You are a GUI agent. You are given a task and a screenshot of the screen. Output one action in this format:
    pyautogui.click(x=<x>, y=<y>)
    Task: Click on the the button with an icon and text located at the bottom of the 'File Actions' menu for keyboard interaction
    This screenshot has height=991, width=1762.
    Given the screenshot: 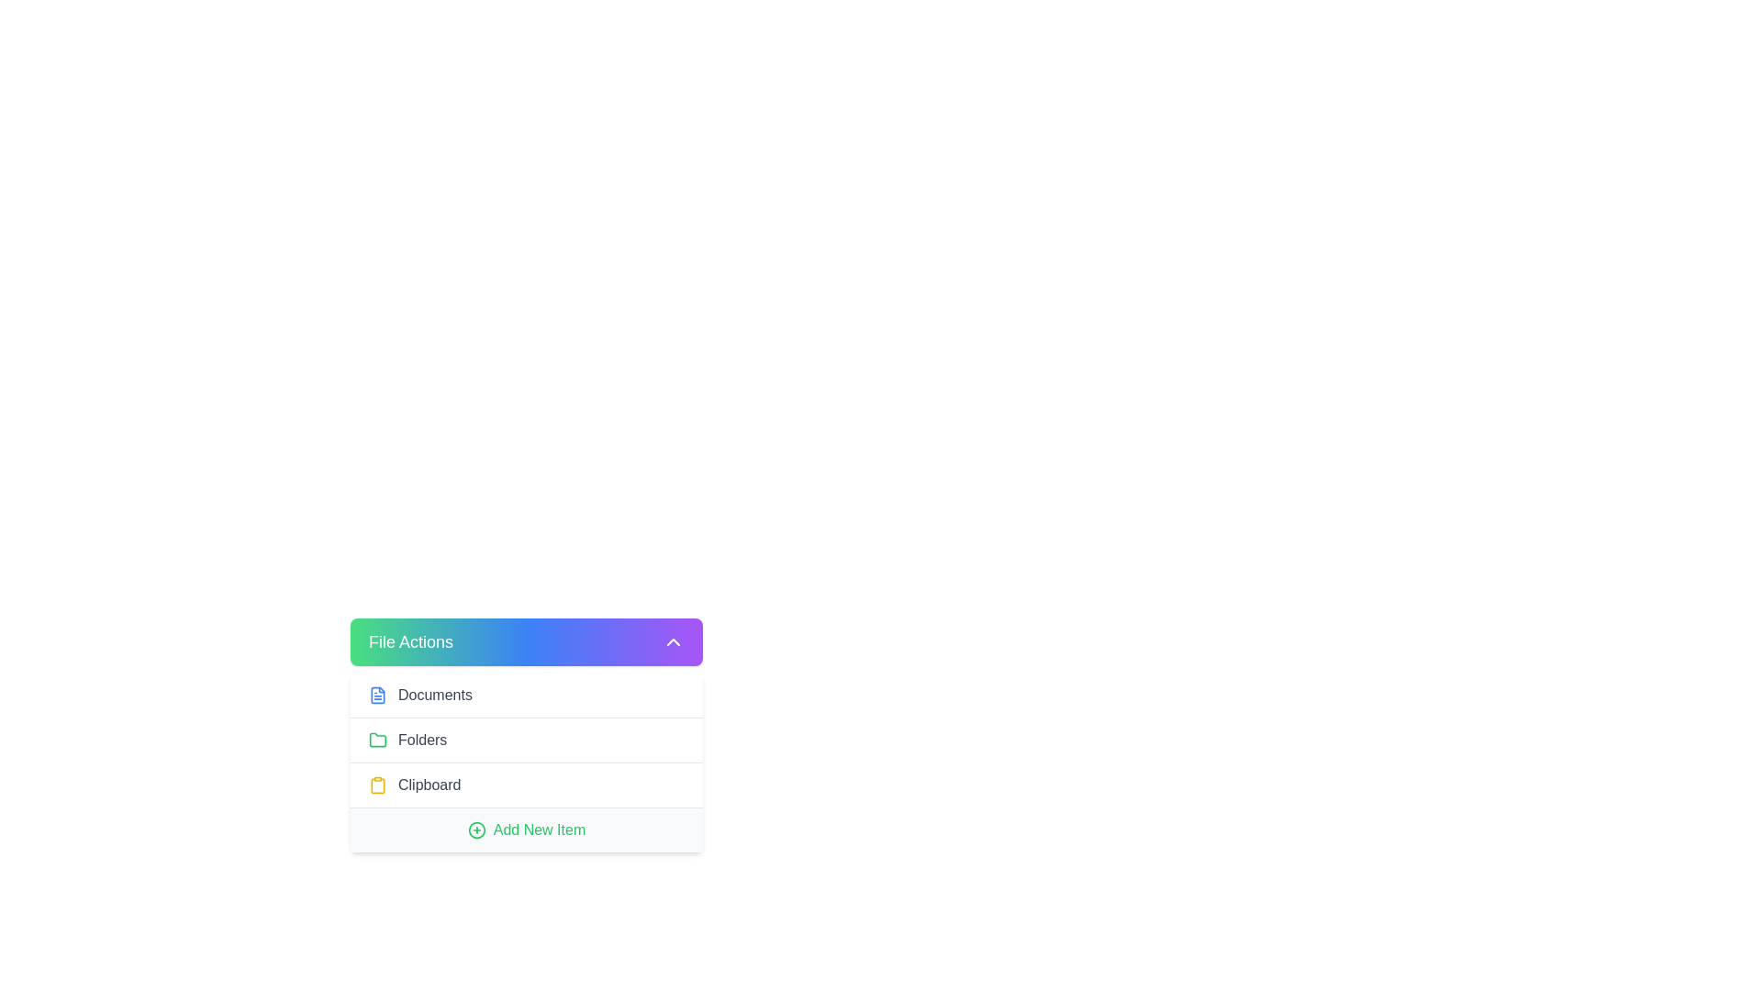 What is the action you would take?
    pyautogui.click(x=526, y=830)
    